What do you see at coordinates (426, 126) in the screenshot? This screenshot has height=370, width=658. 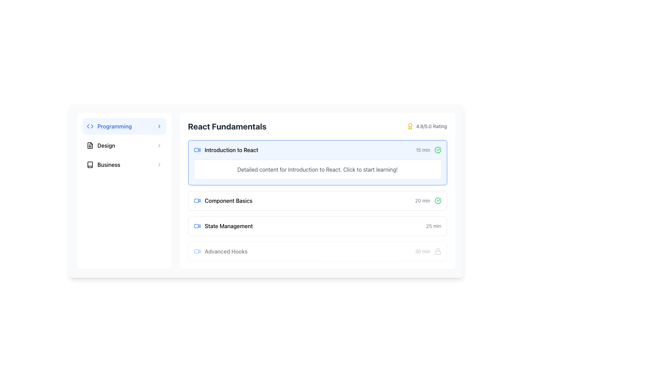 I see `the static text element displaying '4.8/5.0 Rating' with a yellow award icon, located in the 'React Fundamentals' block near the top right corner` at bounding box center [426, 126].